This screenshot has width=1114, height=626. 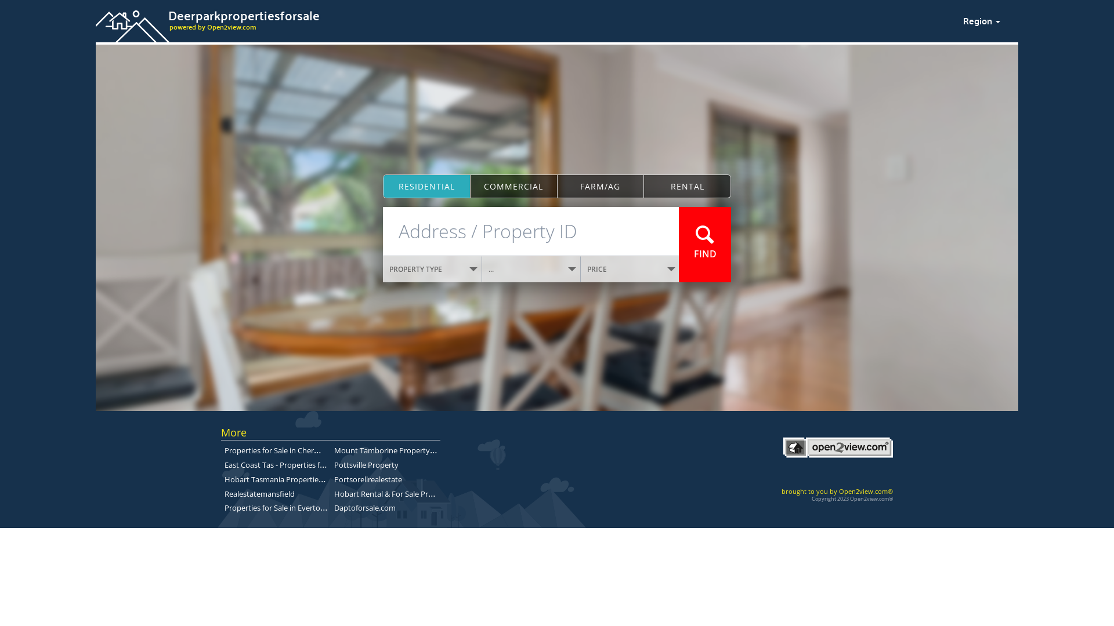 I want to click on 'Hobart Tasmania Properties for sale', so click(x=287, y=478).